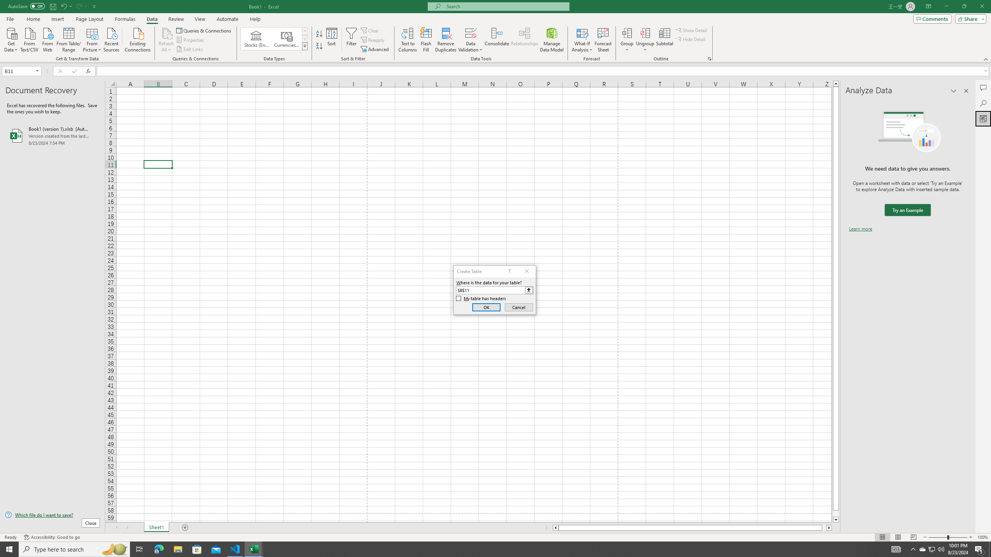  Describe the element at coordinates (446, 40) in the screenshot. I see `'Remove Duplicates'` at that location.